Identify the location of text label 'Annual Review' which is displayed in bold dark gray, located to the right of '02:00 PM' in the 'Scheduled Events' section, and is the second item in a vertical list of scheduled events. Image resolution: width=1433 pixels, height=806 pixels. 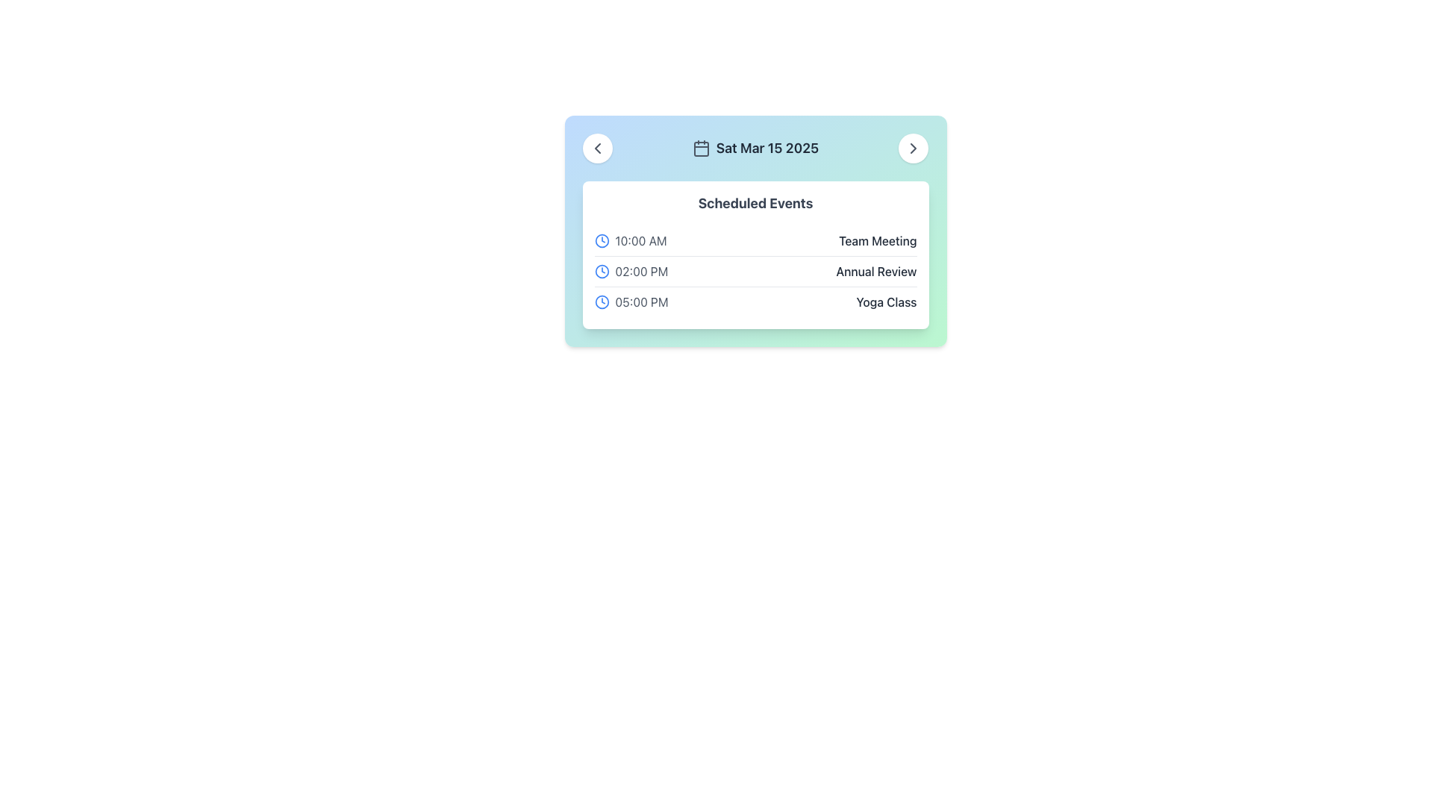
(876, 271).